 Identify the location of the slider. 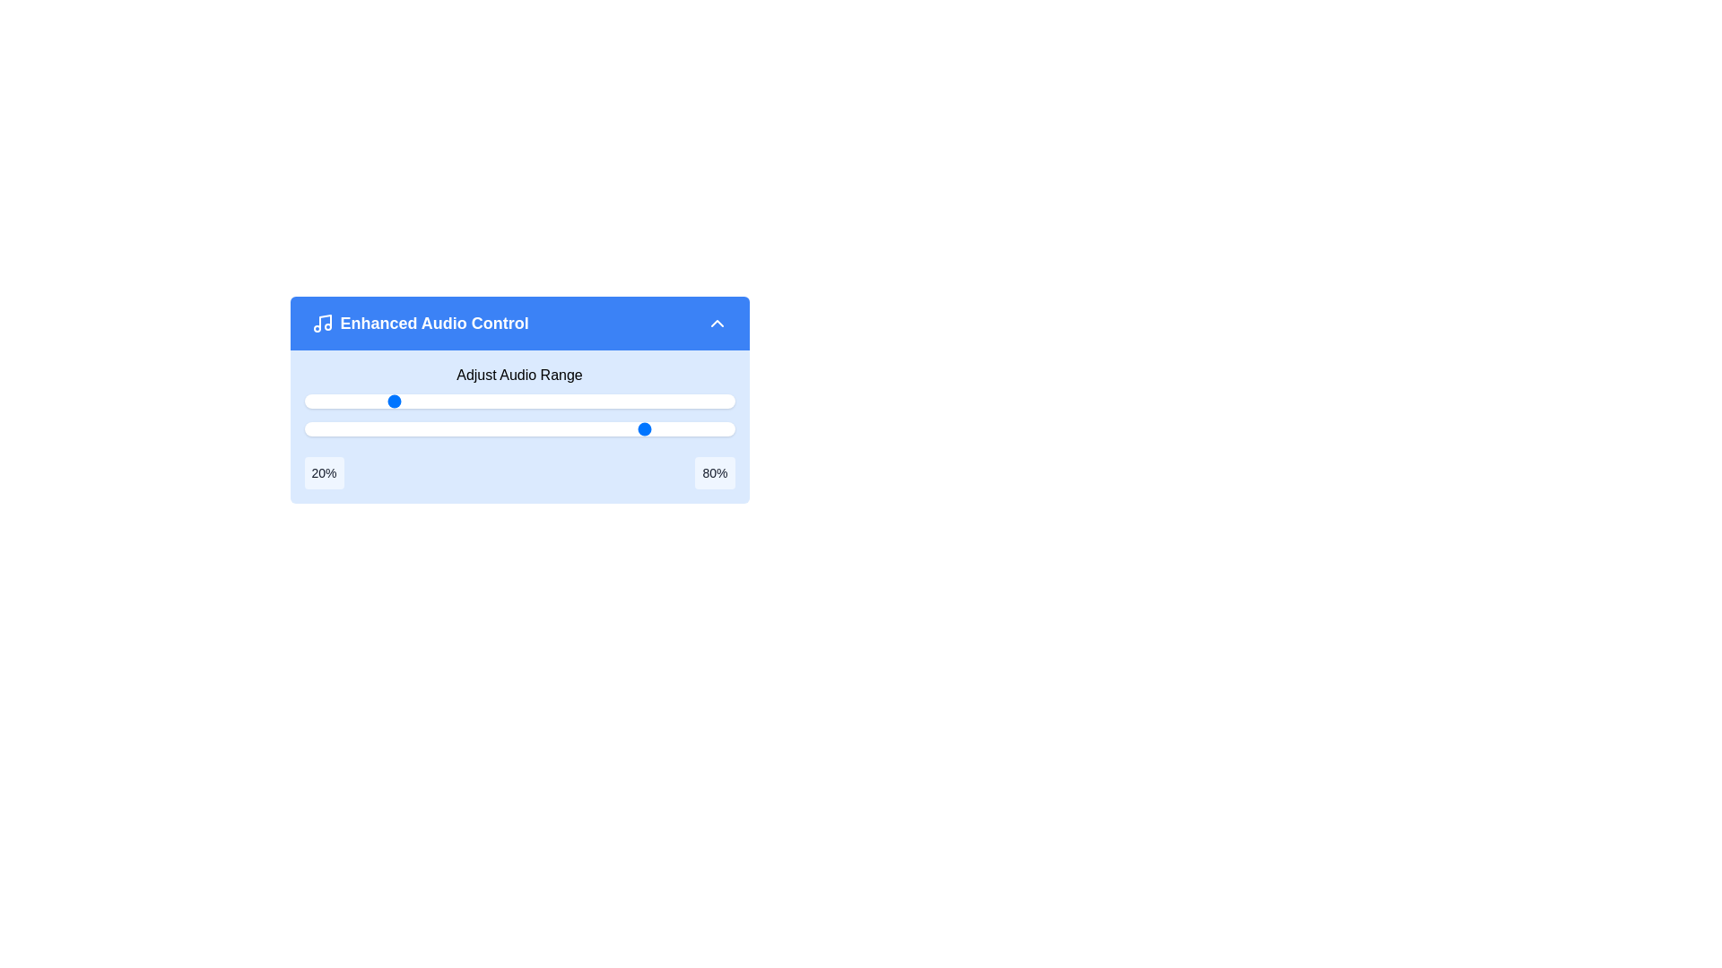
(566, 428).